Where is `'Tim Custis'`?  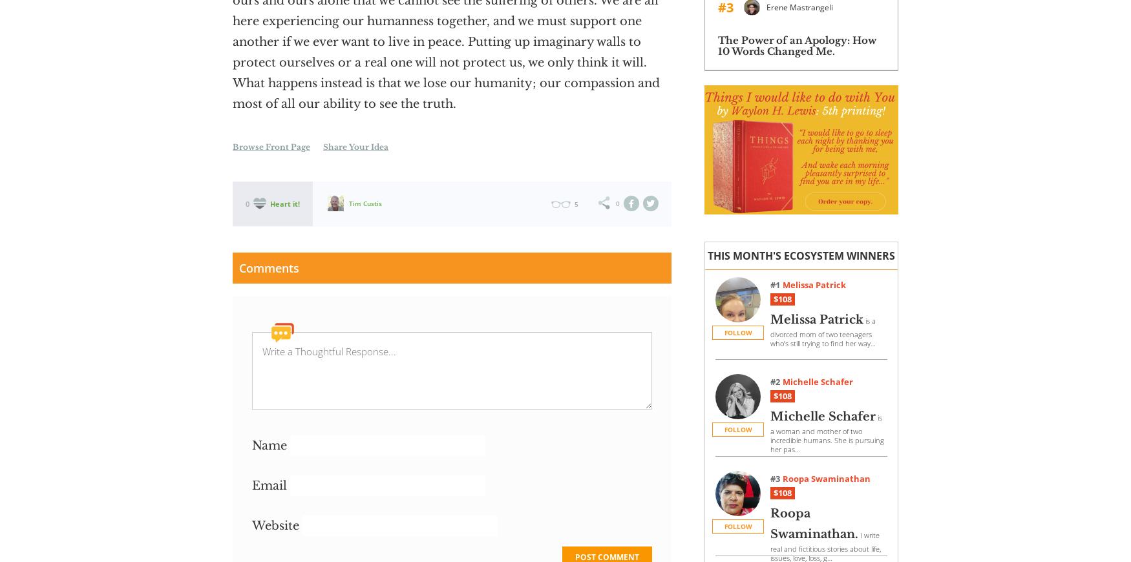
'Tim Custis' is located at coordinates (365, 203).